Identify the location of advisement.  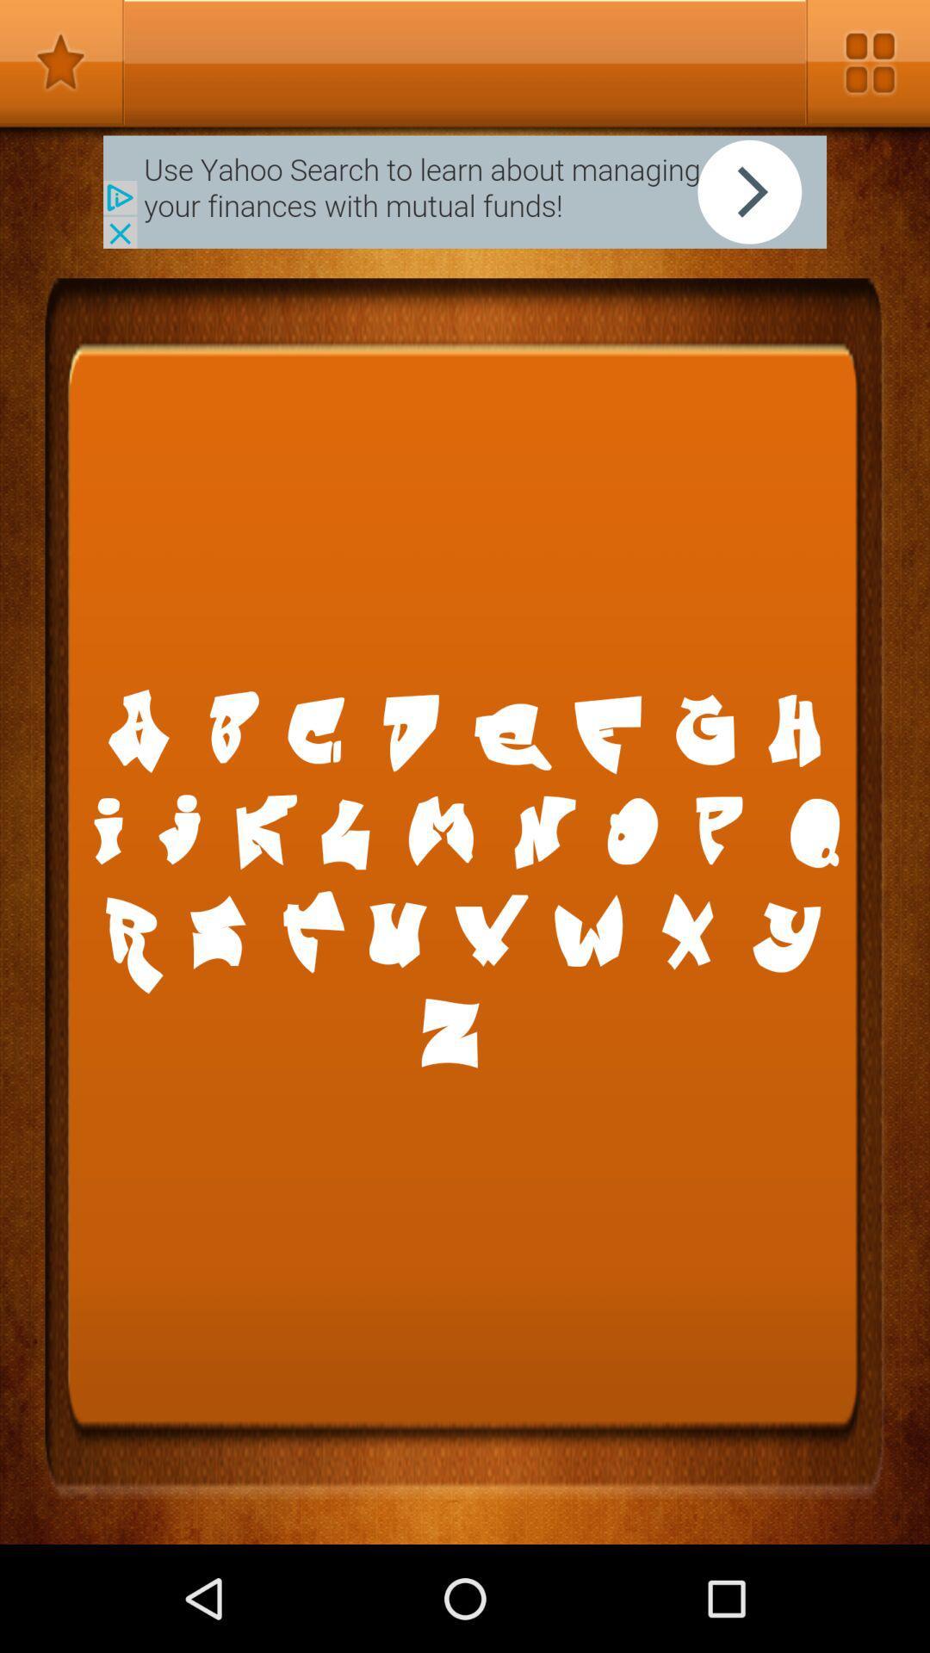
(465, 192).